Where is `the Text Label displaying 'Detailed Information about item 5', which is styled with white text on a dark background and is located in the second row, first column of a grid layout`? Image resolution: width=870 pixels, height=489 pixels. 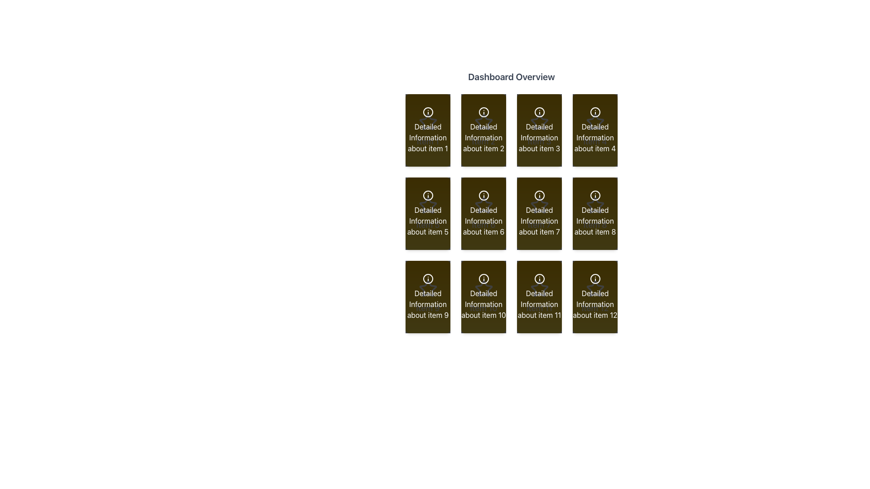
the Text Label displaying 'Detailed Information about item 5', which is styled with white text on a dark background and is located in the second row, first column of a grid layout is located at coordinates (427, 221).